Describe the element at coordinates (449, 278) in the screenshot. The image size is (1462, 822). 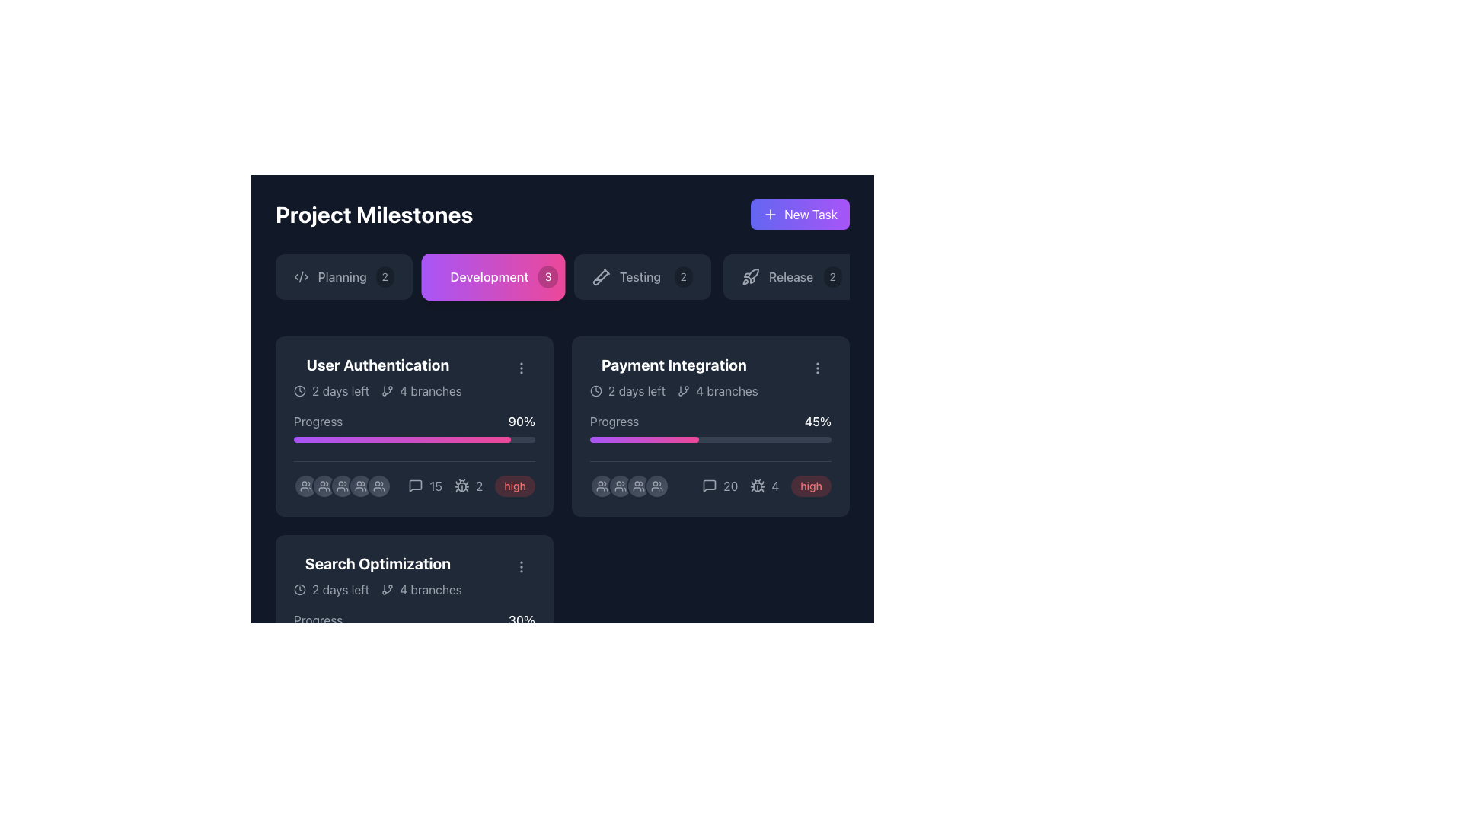
I see `the middle section of the database icon located in the 'Development' tab of the navigation header by clicking on it` at that location.